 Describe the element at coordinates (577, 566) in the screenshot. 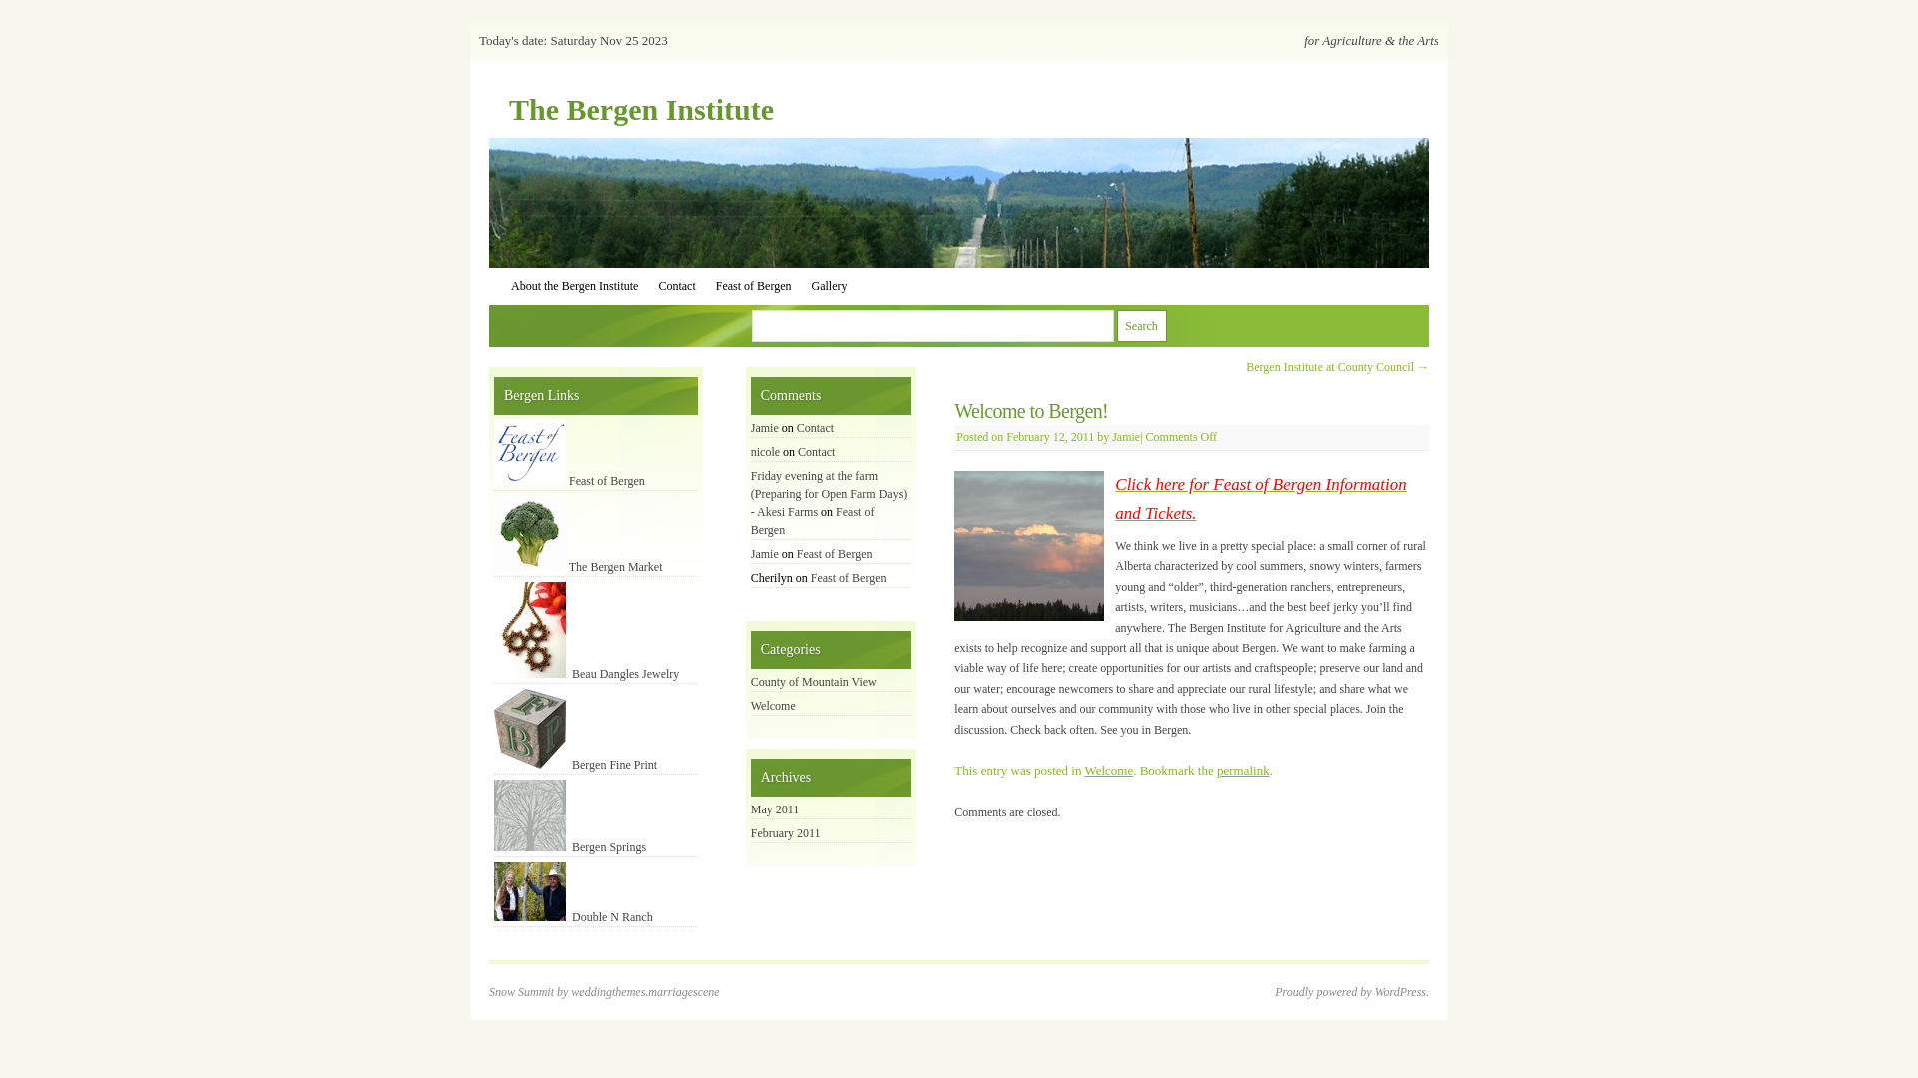

I see `'The Bergen Market'` at that location.